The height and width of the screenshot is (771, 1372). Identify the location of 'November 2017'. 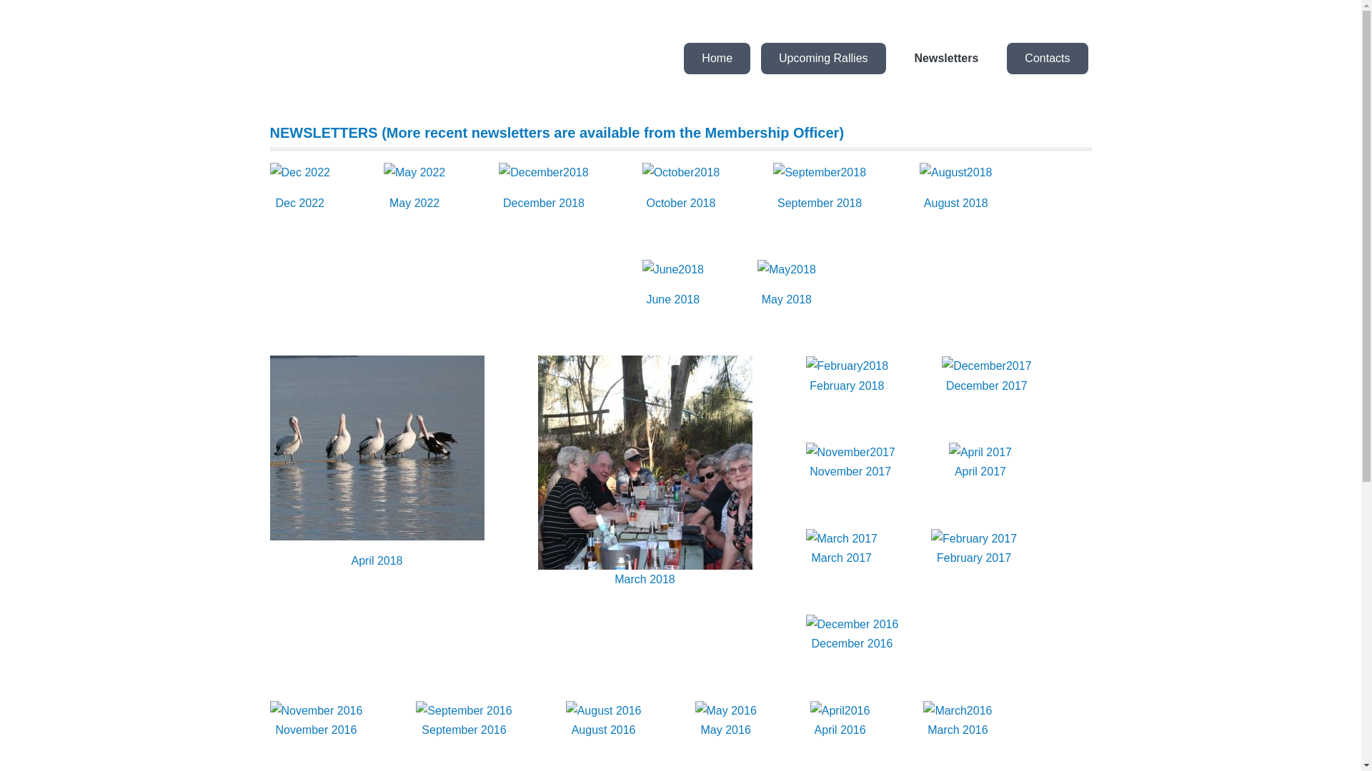
(850, 471).